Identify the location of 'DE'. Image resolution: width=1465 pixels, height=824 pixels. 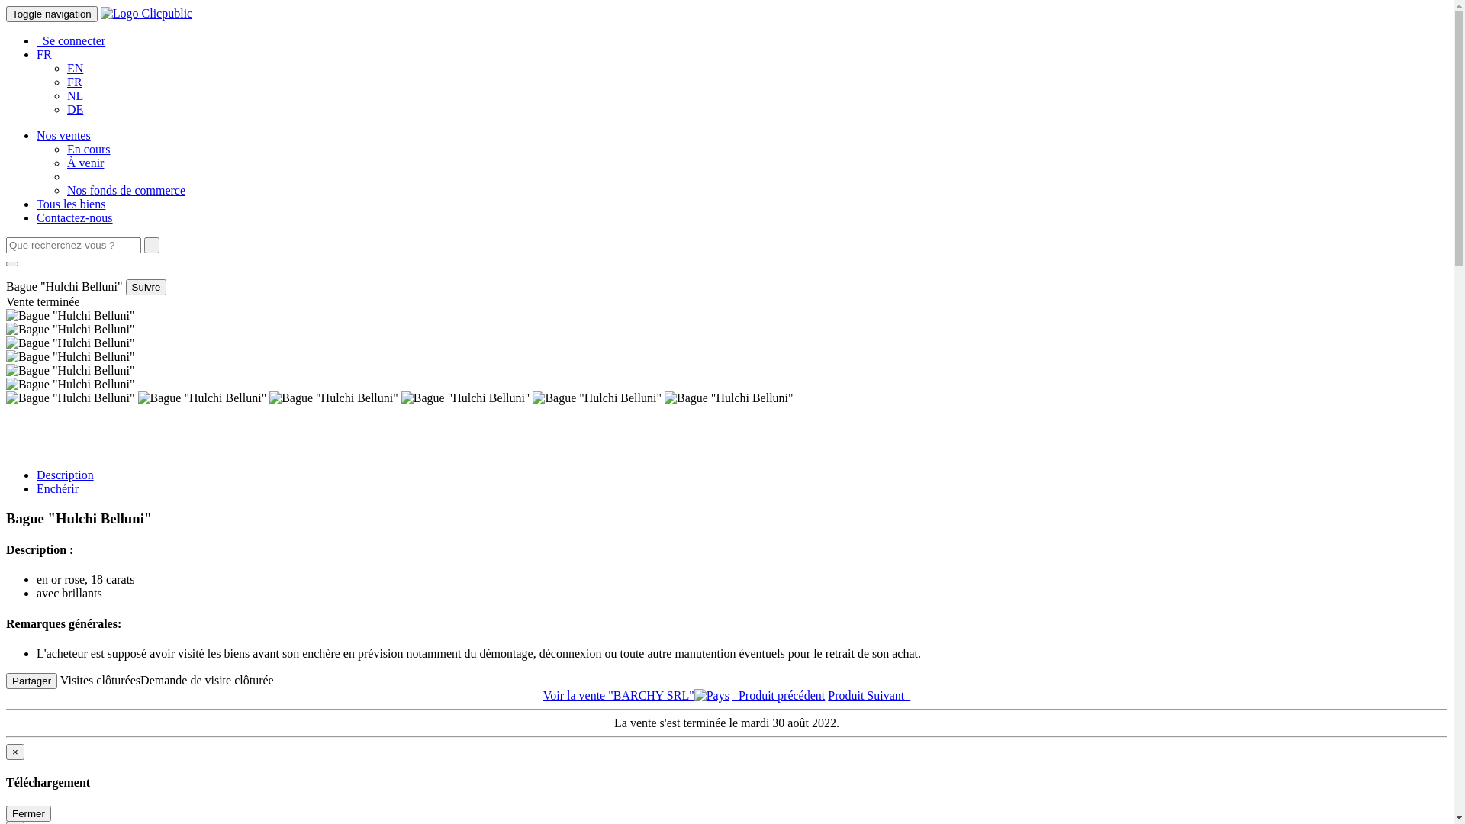
(74, 108).